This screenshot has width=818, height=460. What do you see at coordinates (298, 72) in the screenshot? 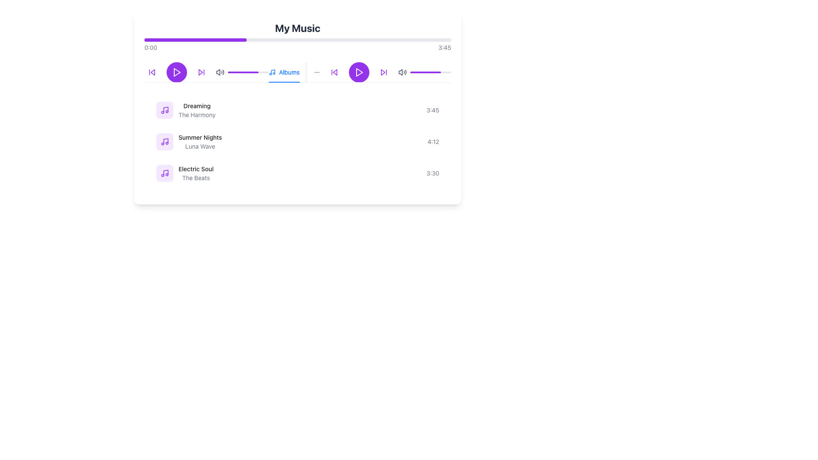
I see `the Horizontal Tab Navigation element located below the progress bar` at bounding box center [298, 72].